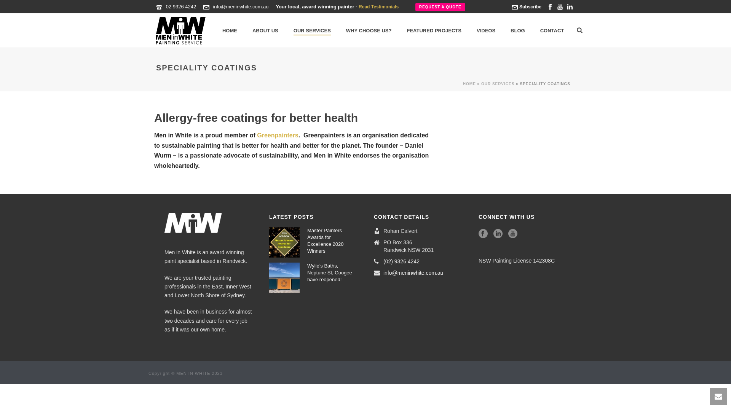 The image size is (731, 411). What do you see at coordinates (312, 30) in the screenshot?
I see `'OUR SERVICES'` at bounding box center [312, 30].